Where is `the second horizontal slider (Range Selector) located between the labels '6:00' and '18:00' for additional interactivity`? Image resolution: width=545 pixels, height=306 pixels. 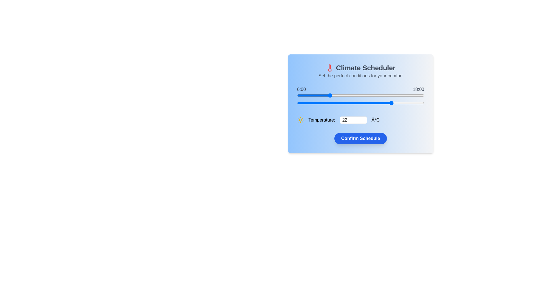 the second horizontal slider (Range Selector) located between the labels '6:00' and '18:00' for additional interactivity is located at coordinates (360, 103).